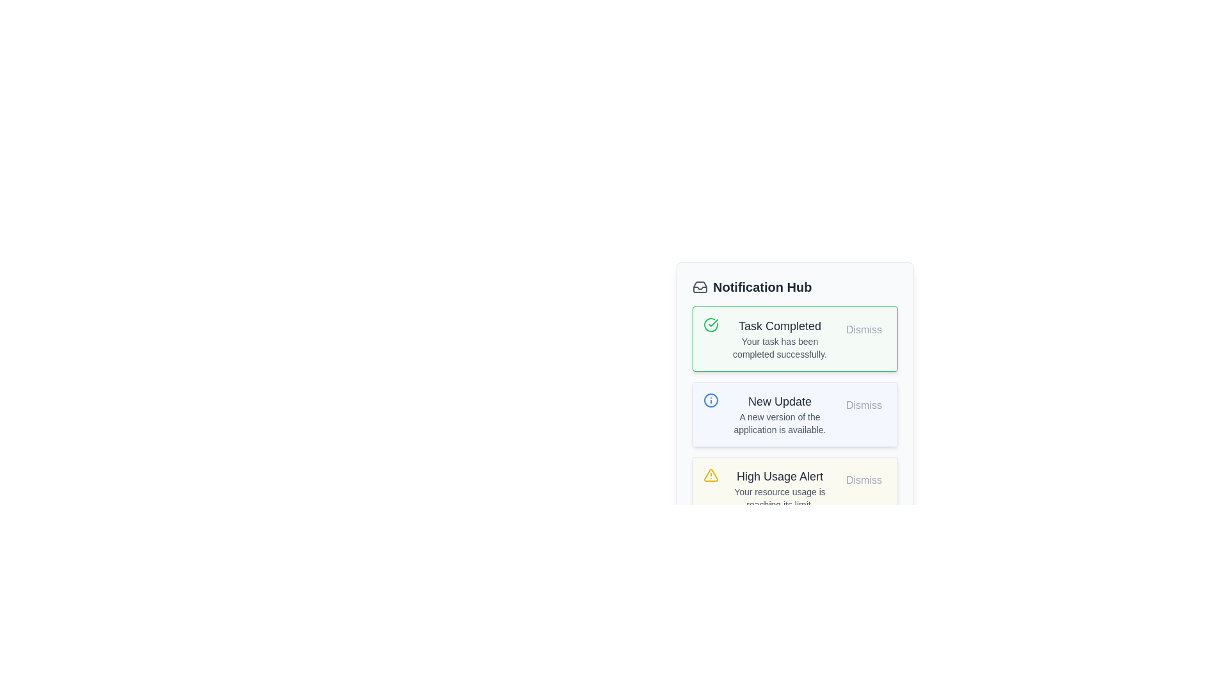 The image size is (1229, 691). I want to click on the compact inbox icon, which is a minimalist line drawing located in the header area of the 'Notification Hub' section, so click(700, 286).